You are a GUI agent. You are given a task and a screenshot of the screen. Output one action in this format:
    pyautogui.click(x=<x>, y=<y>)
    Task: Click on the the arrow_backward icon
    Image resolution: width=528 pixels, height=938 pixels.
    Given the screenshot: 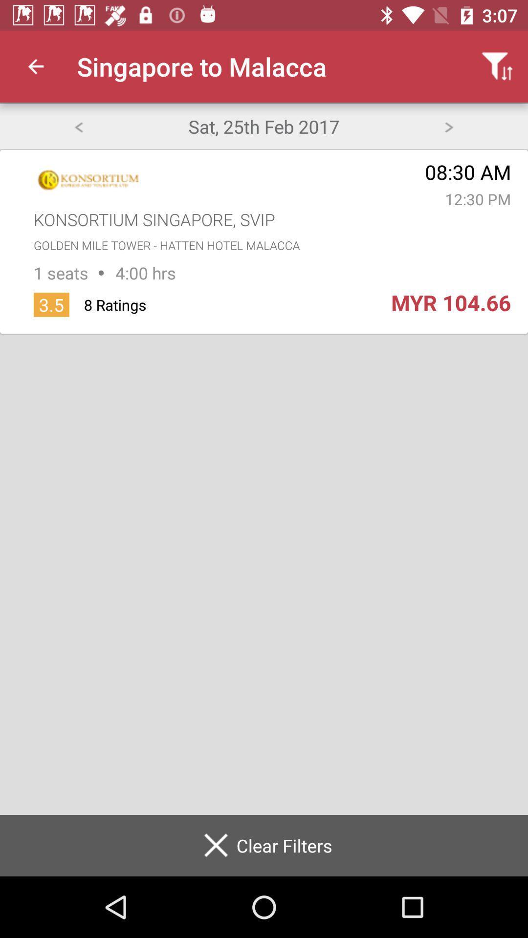 What is the action you would take?
    pyautogui.click(x=78, y=126)
    